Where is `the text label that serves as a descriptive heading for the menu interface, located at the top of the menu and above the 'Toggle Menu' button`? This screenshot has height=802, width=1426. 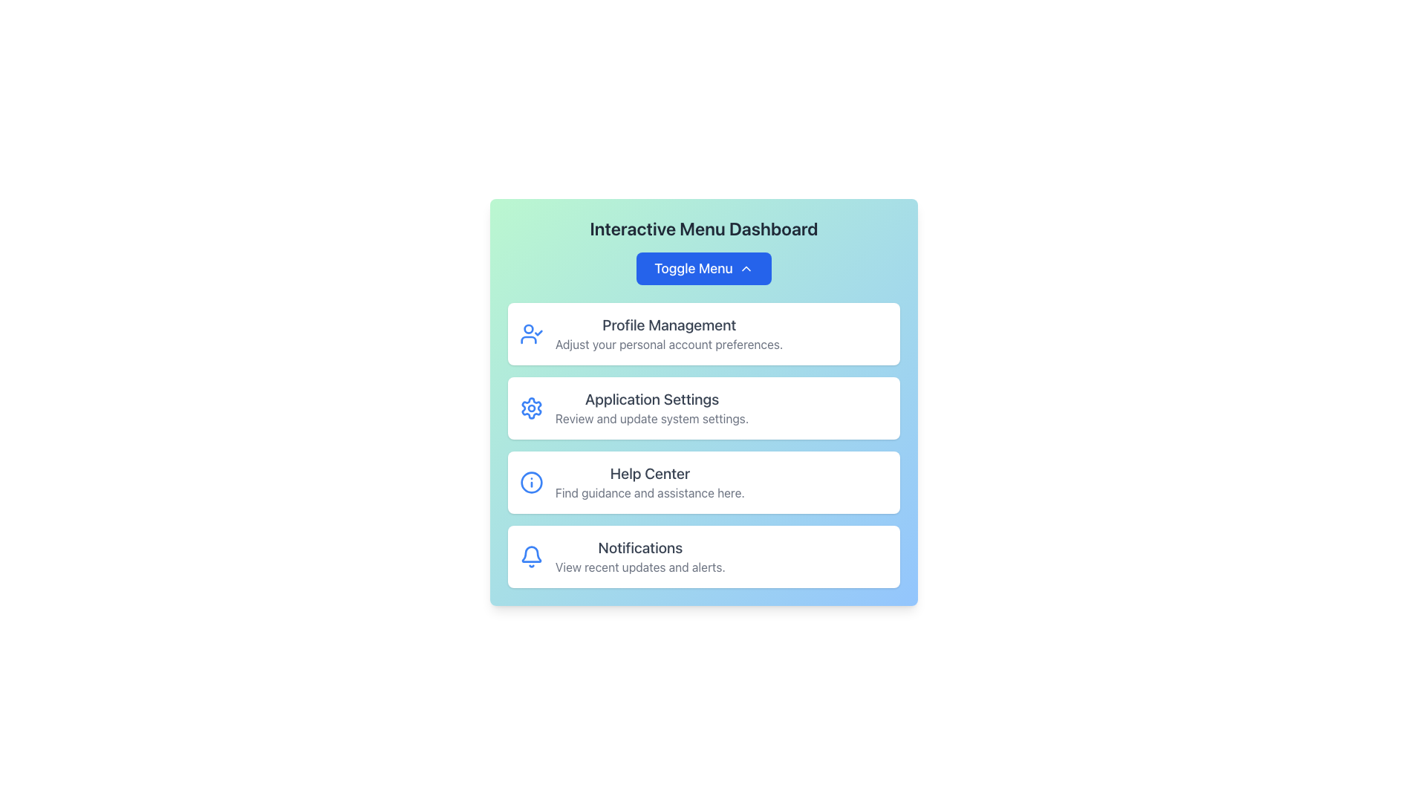 the text label that serves as a descriptive heading for the menu interface, located at the top of the menu and above the 'Toggle Menu' button is located at coordinates (703, 229).